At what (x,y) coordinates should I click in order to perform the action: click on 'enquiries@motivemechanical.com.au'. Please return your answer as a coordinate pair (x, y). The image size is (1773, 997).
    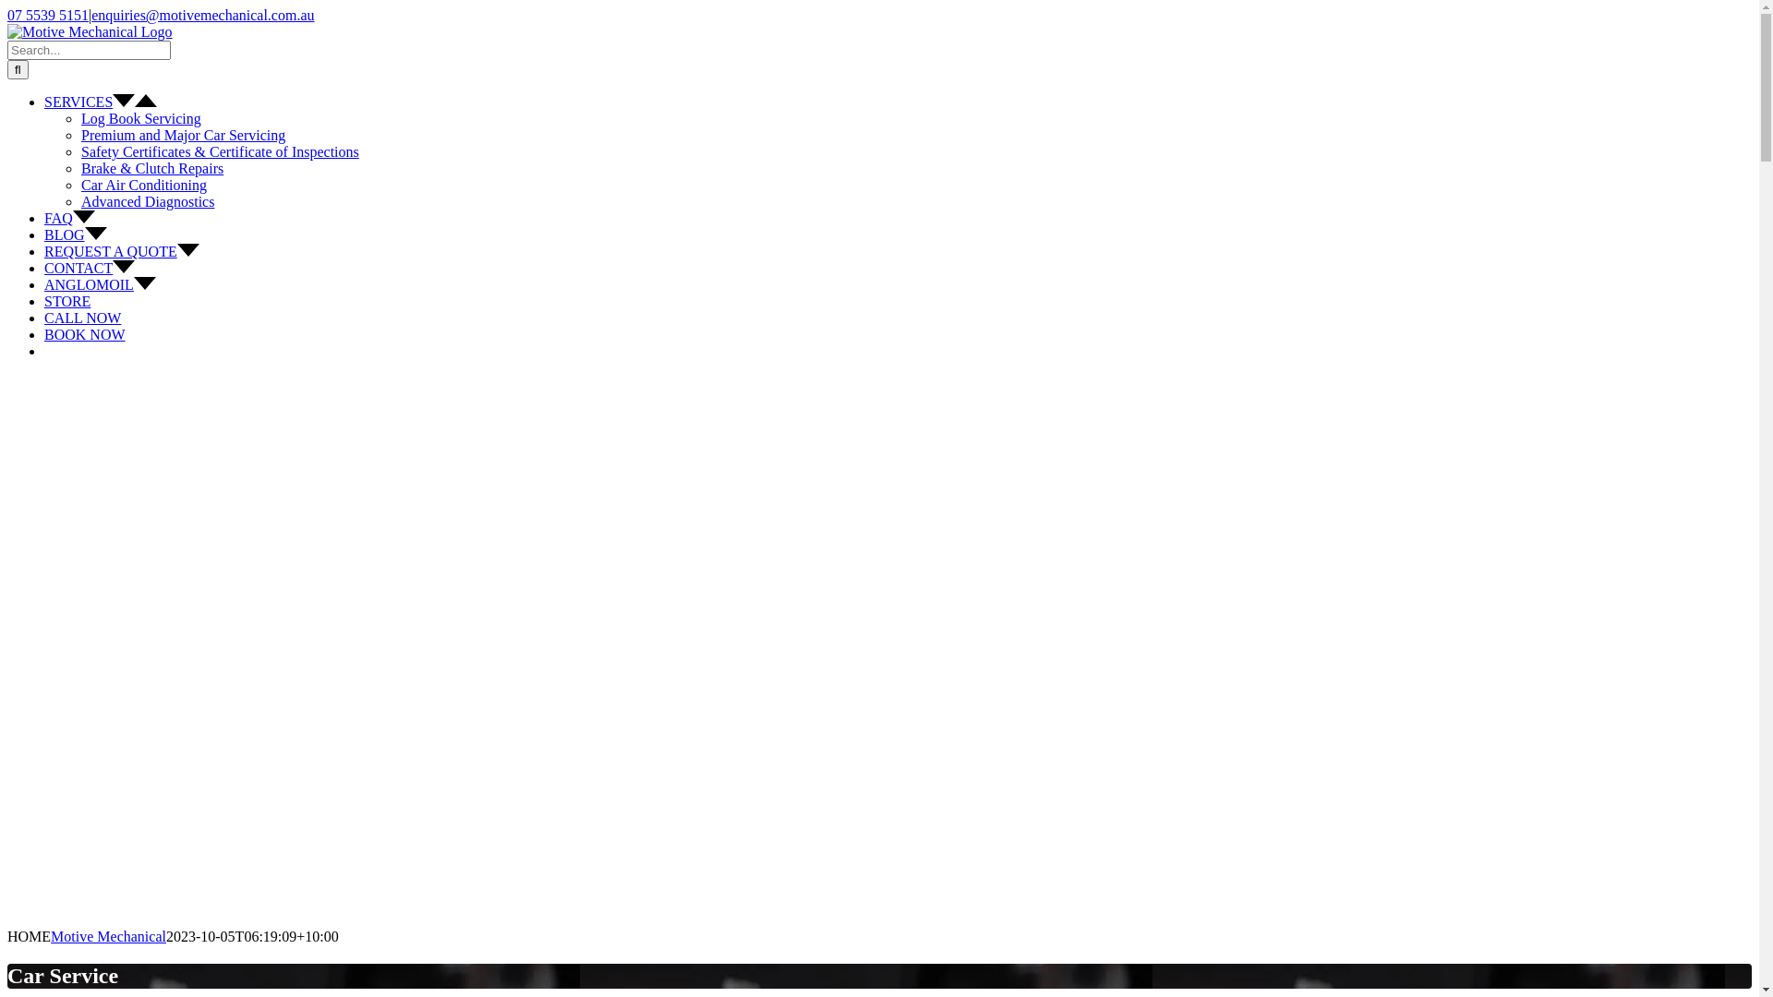
    Looking at the image, I should click on (202, 15).